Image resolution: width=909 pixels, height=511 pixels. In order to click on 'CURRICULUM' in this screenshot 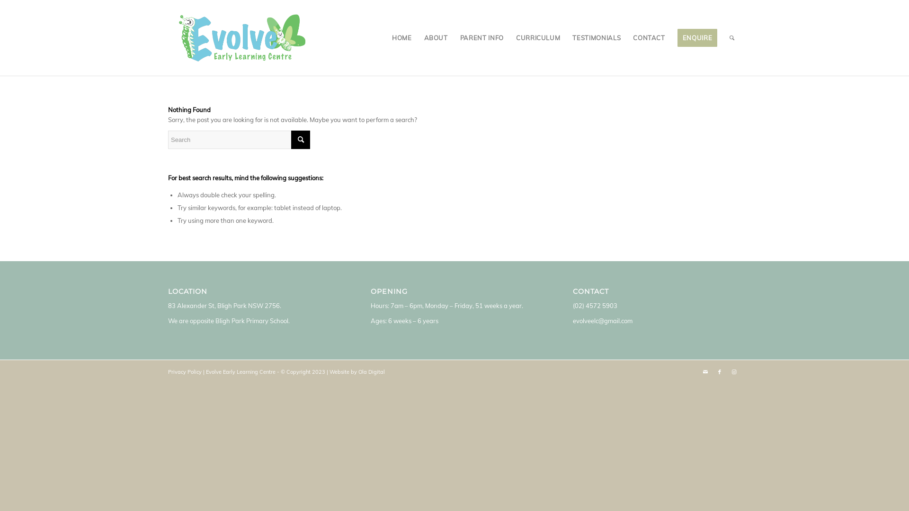, I will do `click(538, 37)`.